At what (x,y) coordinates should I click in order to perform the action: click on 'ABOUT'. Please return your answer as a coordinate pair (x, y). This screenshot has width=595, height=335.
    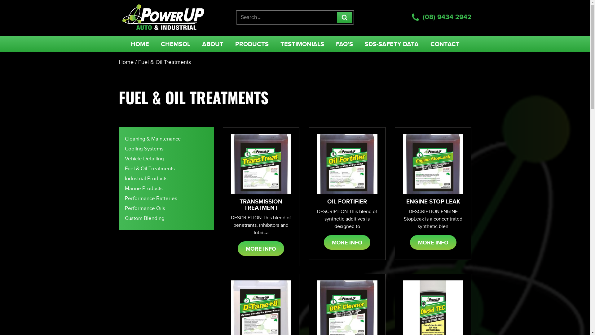
    Looking at the image, I should click on (213, 44).